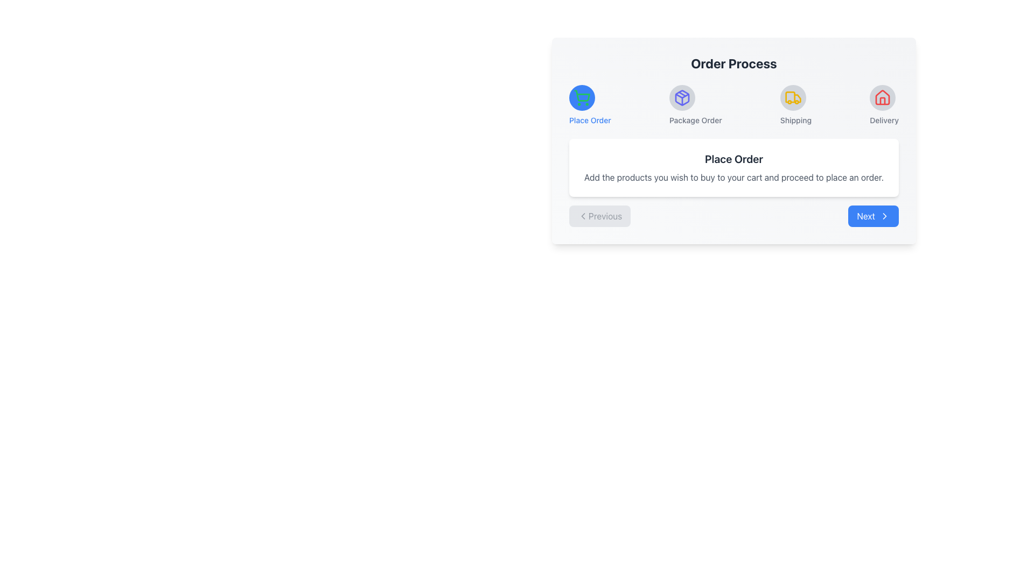 This screenshot has width=1034, height=581. What do you see at coordinates (733, 159) in the screenshot?
I see `the header text indicating 'Place Order', which is positioned at the top of a rectangular card layout` at bounding box center [733, 159].